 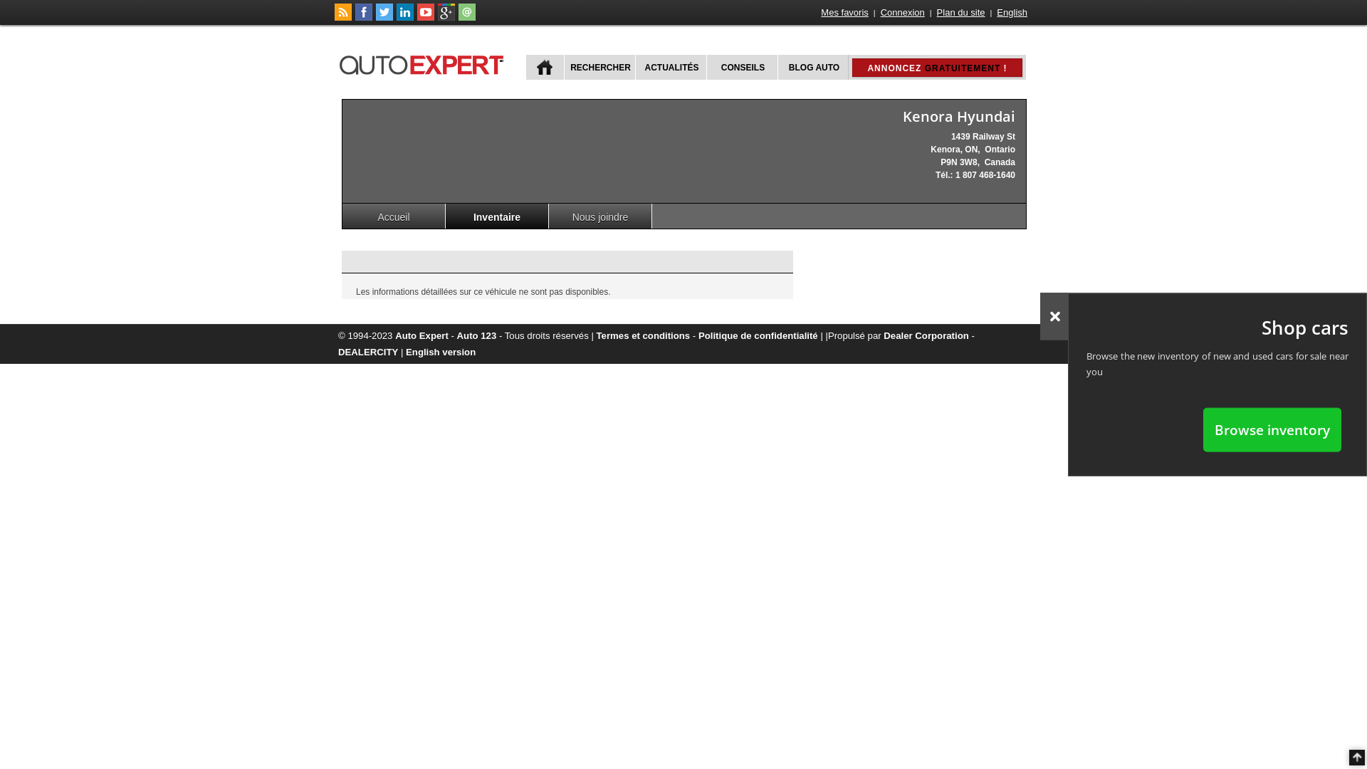 What do you see at coordinates (878, 12) in the screenshot?
I see `'Connexion'` at bounding box center [878, 12].